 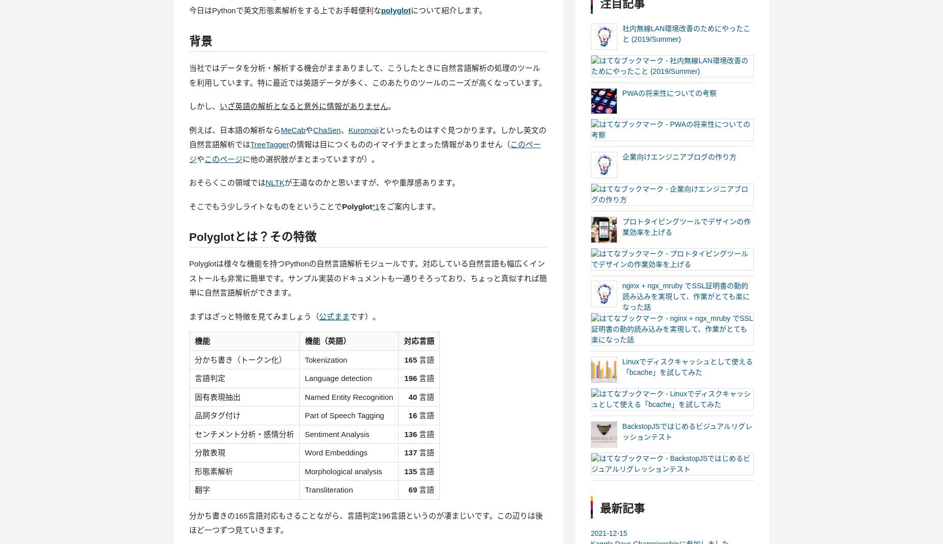 What do you see at coordinates (410, 470) in the screenshot?
I see `'135'` at bounding box center [410, 470].